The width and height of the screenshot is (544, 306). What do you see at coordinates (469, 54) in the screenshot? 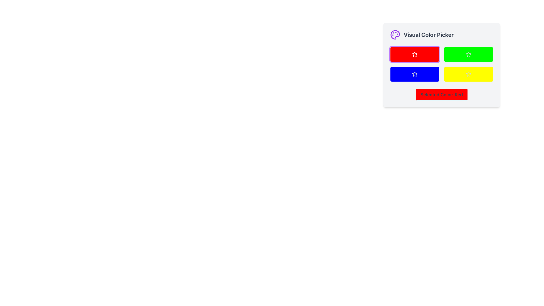
I see `the star icon with a gray outline located centrally within the green square button in the top-right position of the 2x2 grid in the 'Visual Color Picker' section` at bounding box center [469, 54].